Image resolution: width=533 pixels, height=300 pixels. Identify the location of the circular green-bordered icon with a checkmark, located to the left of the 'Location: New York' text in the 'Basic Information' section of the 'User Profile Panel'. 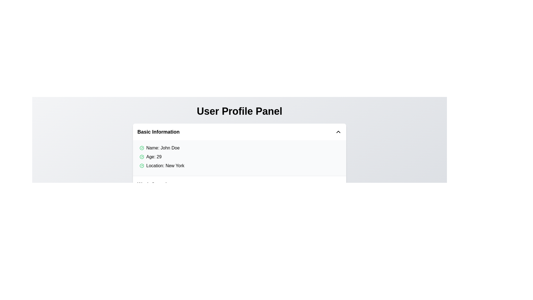
(142, 166).